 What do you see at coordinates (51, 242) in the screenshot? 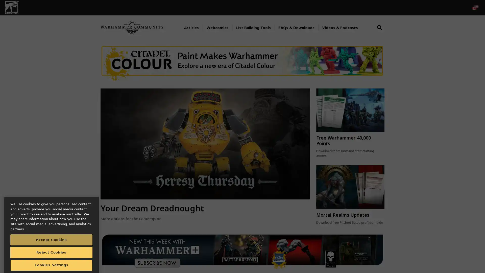
I see `Reject Cookies` at bounding box center [51, 242].